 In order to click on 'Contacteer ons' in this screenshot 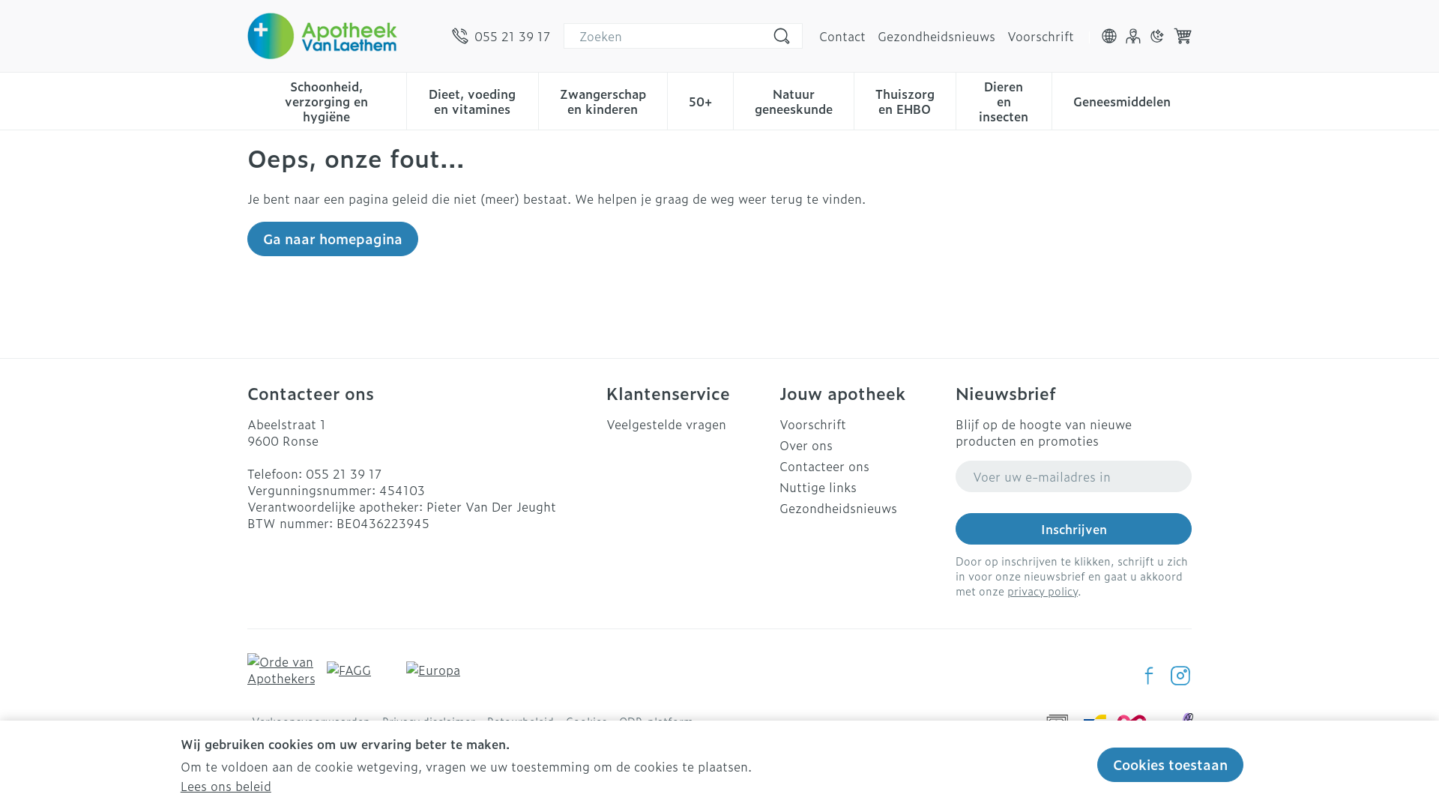, I will do `click(861, 464)`.